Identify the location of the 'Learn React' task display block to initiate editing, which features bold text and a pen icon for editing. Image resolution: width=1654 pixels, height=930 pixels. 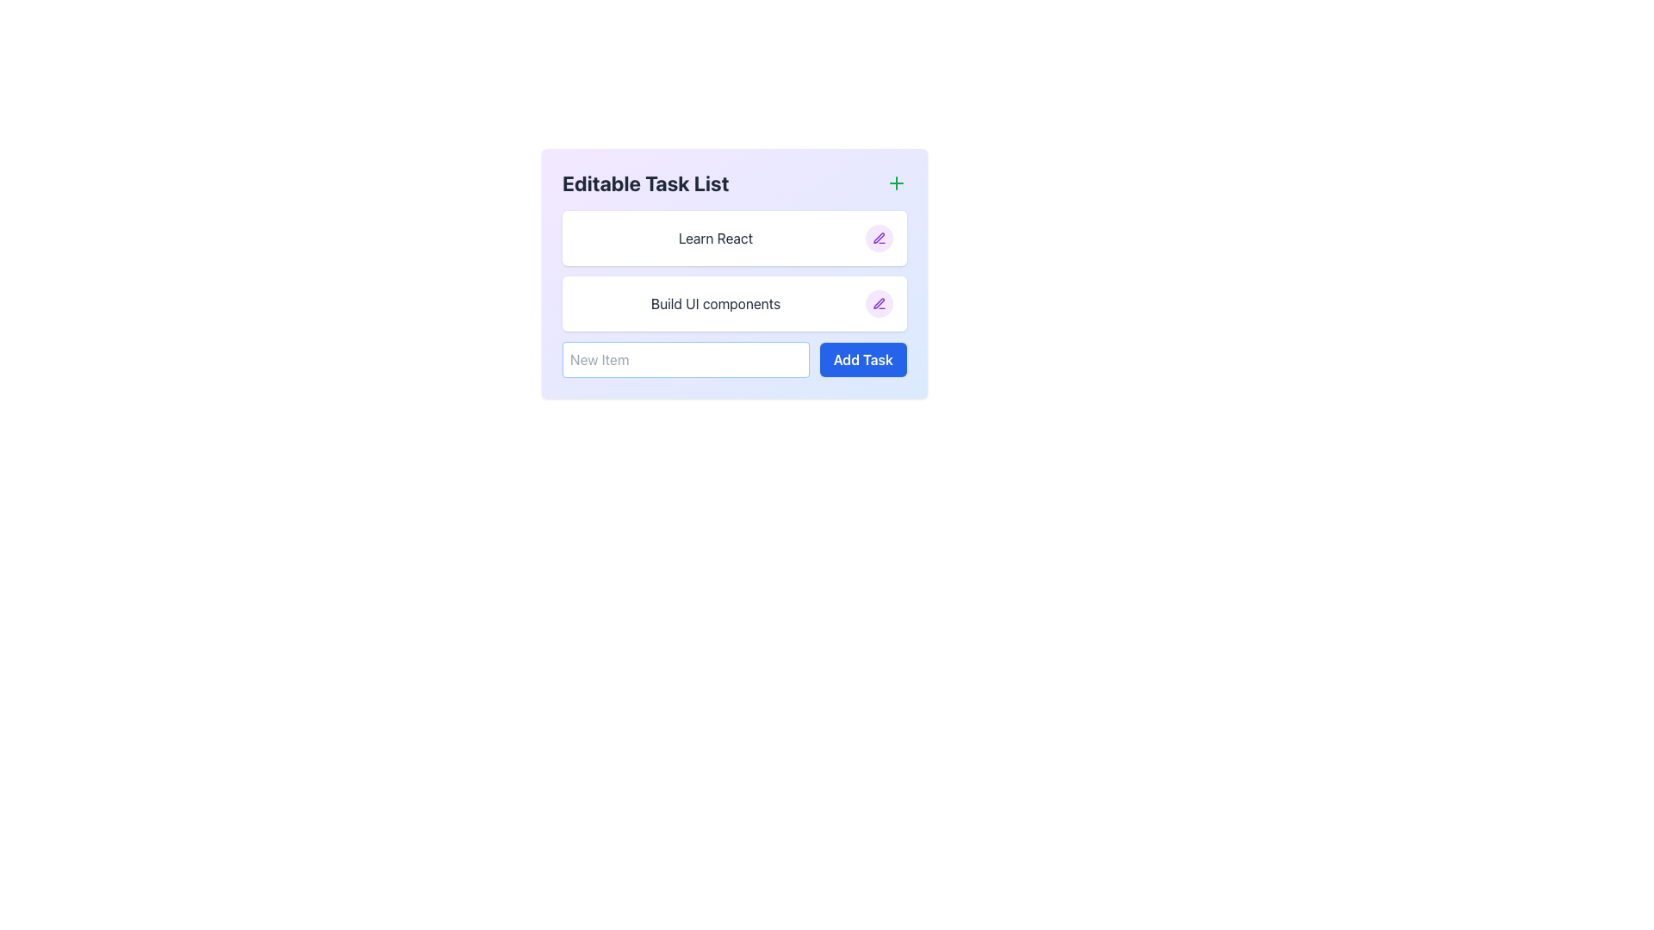
(735, 239).